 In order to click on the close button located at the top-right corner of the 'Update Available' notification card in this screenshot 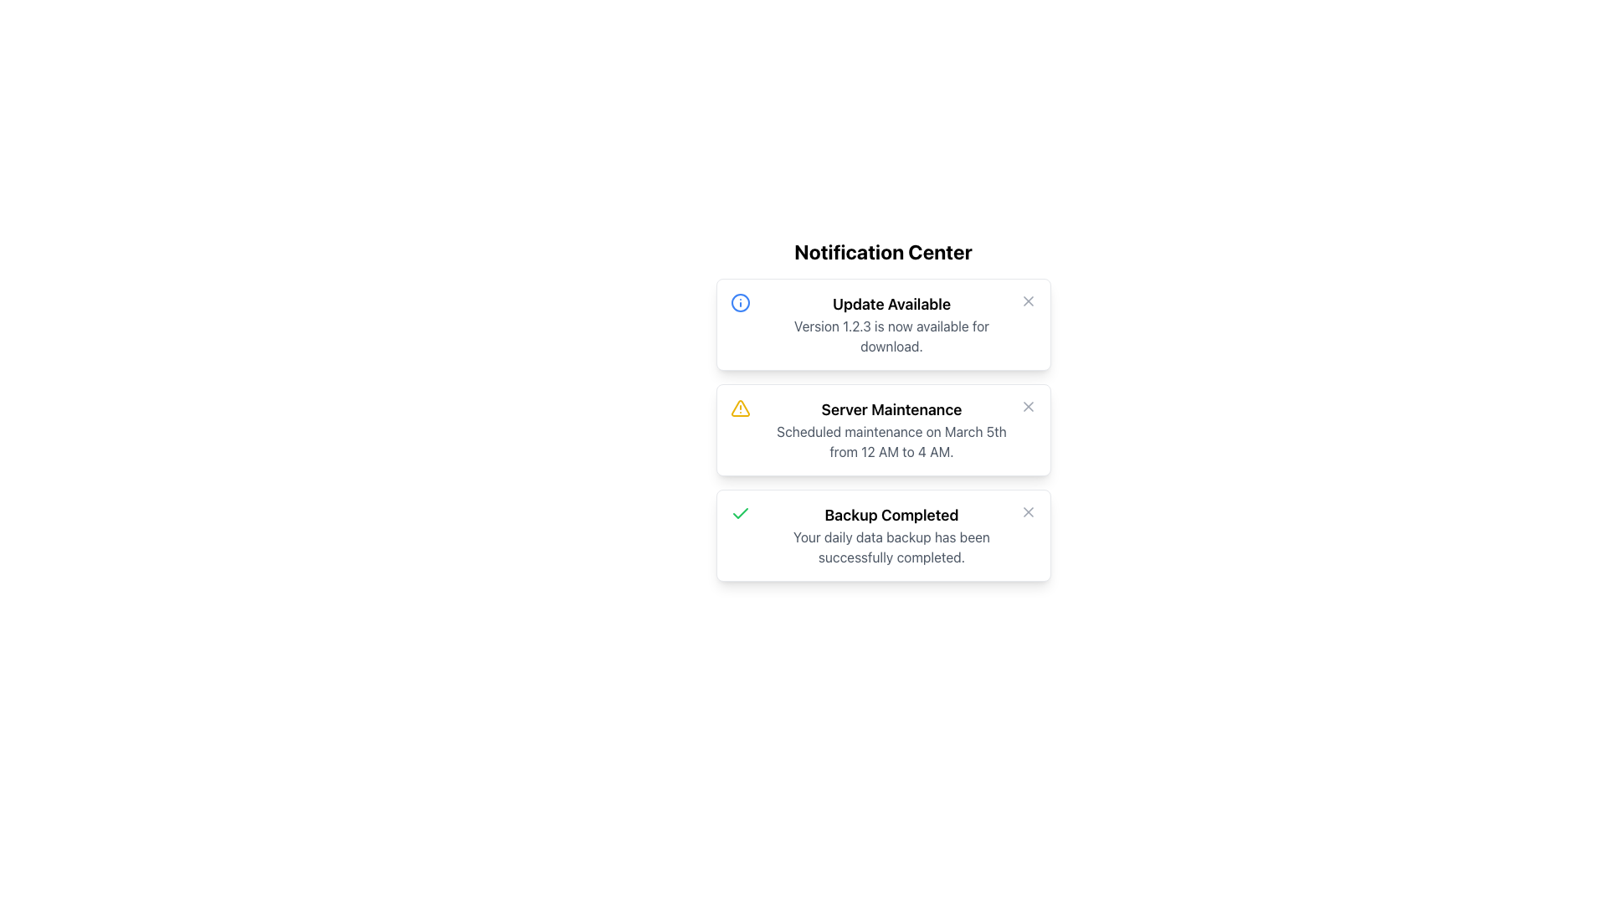, I will do `click(1027, 300)`.